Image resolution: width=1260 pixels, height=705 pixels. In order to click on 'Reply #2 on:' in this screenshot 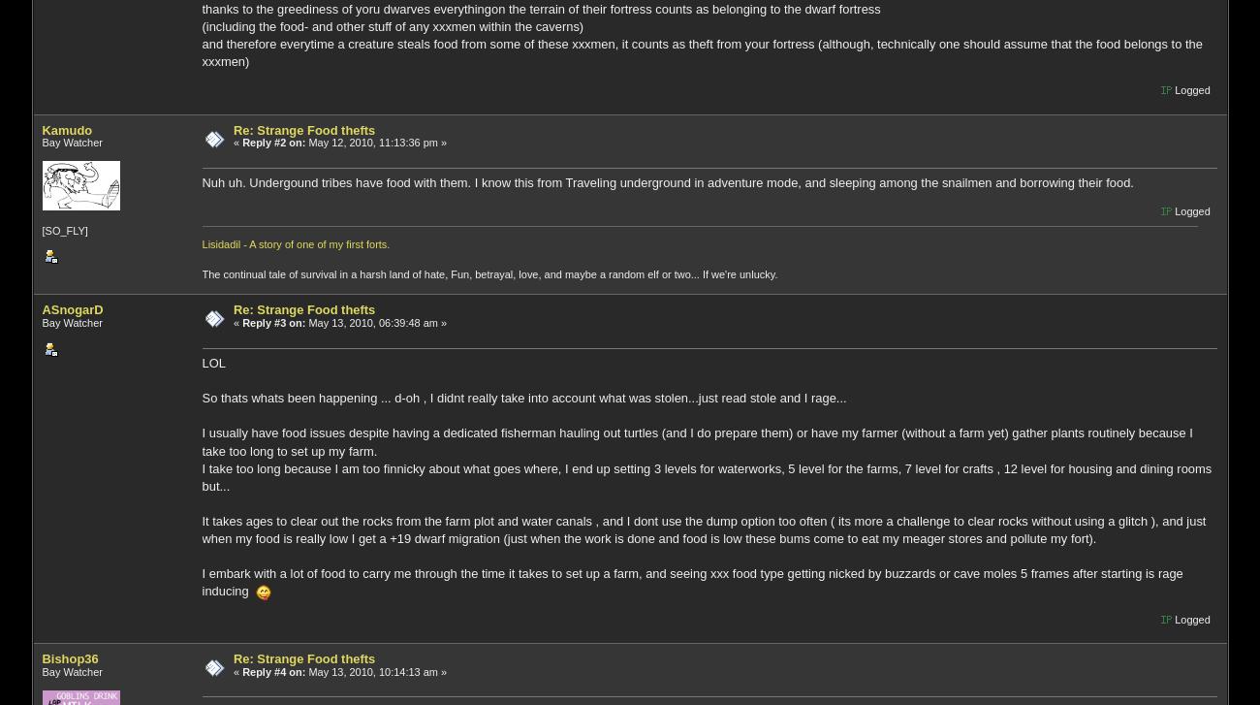, I will do `click(273, 142)`.